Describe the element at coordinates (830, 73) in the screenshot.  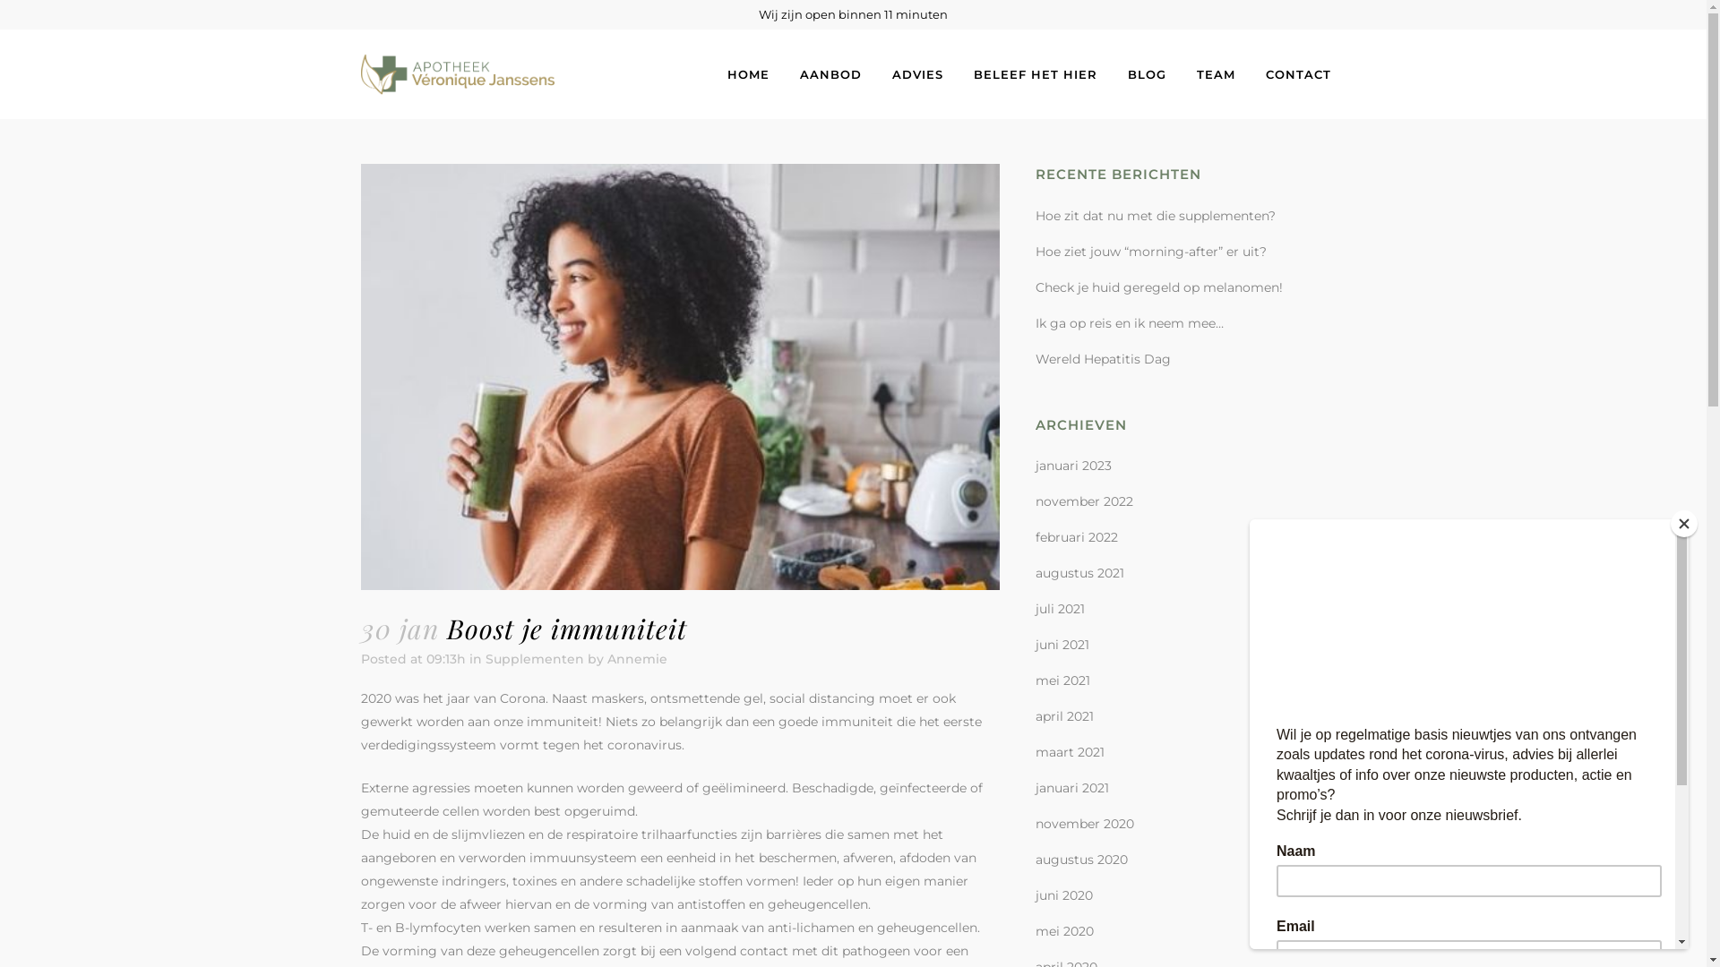
I see `'AANBOD'` at that location.